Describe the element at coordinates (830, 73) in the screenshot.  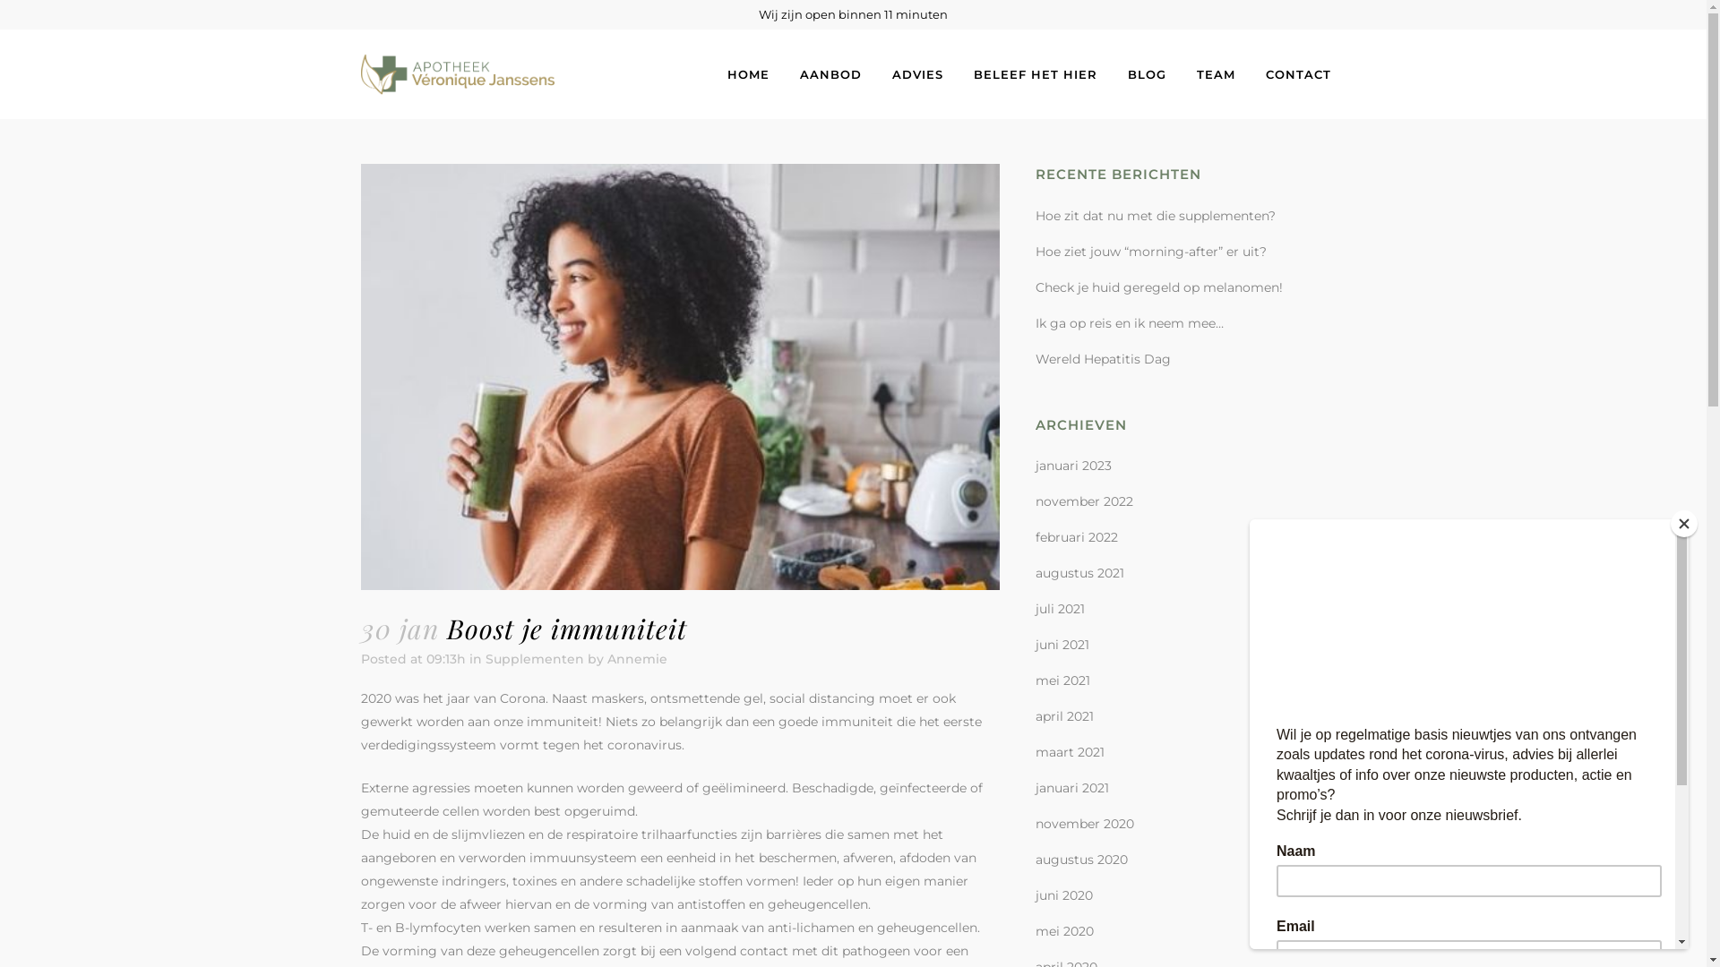
I see `'AANBOD'` at that location.